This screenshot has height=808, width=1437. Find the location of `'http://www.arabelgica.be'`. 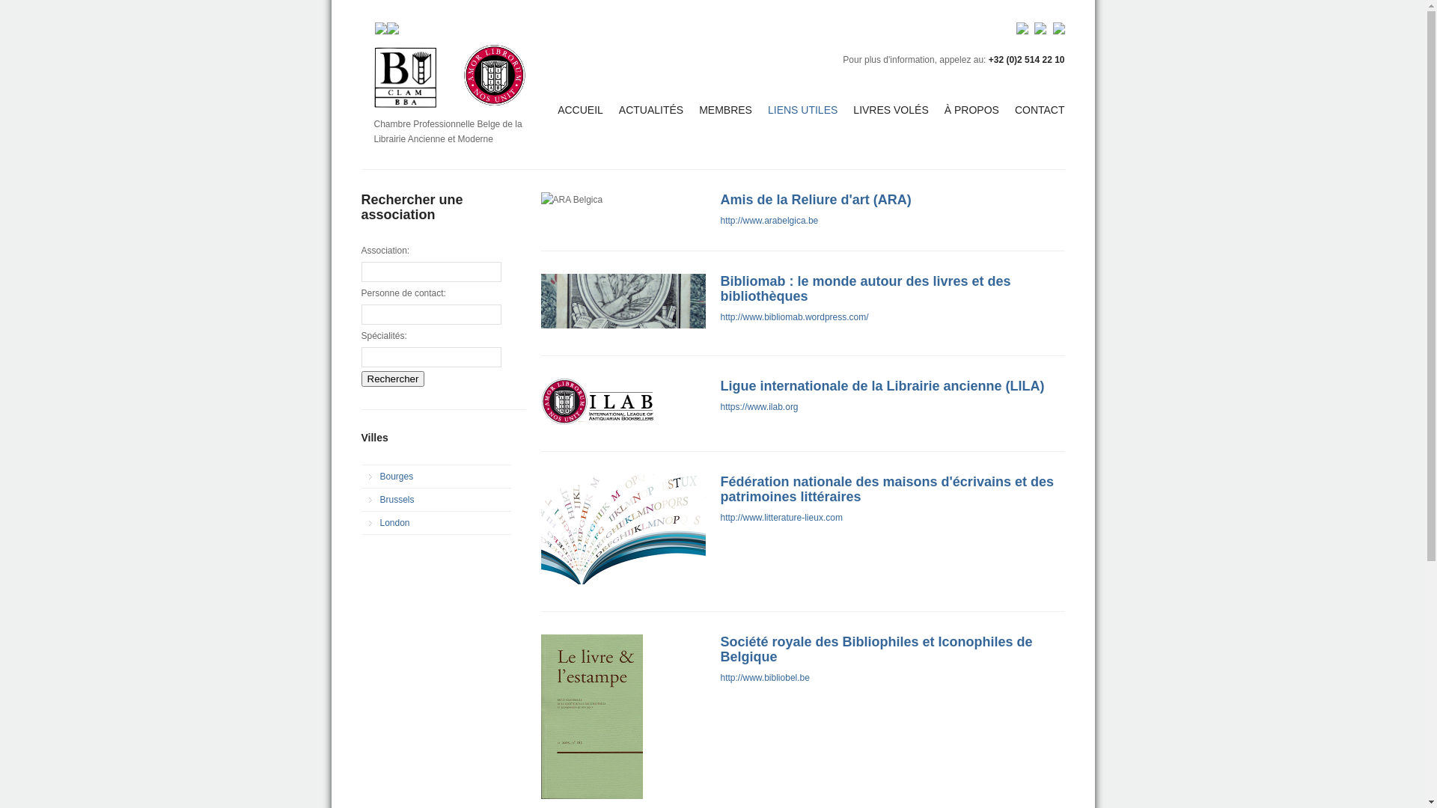

'http://www.arabelgica.be' is located at coordinates (719, 220).